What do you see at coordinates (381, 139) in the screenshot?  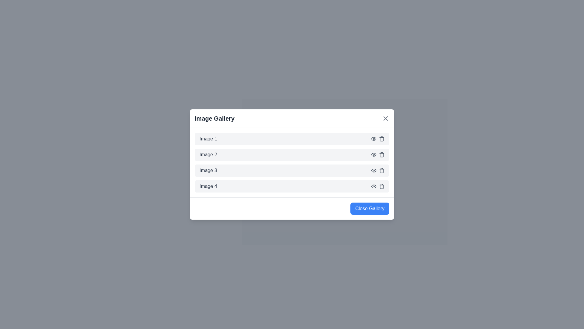 I see `the trash bin icon button, which is the second interactive icon in the last column of the first row within the gallery table, to emphasize interactivity with hover effects` at bounding box center [381, 139].